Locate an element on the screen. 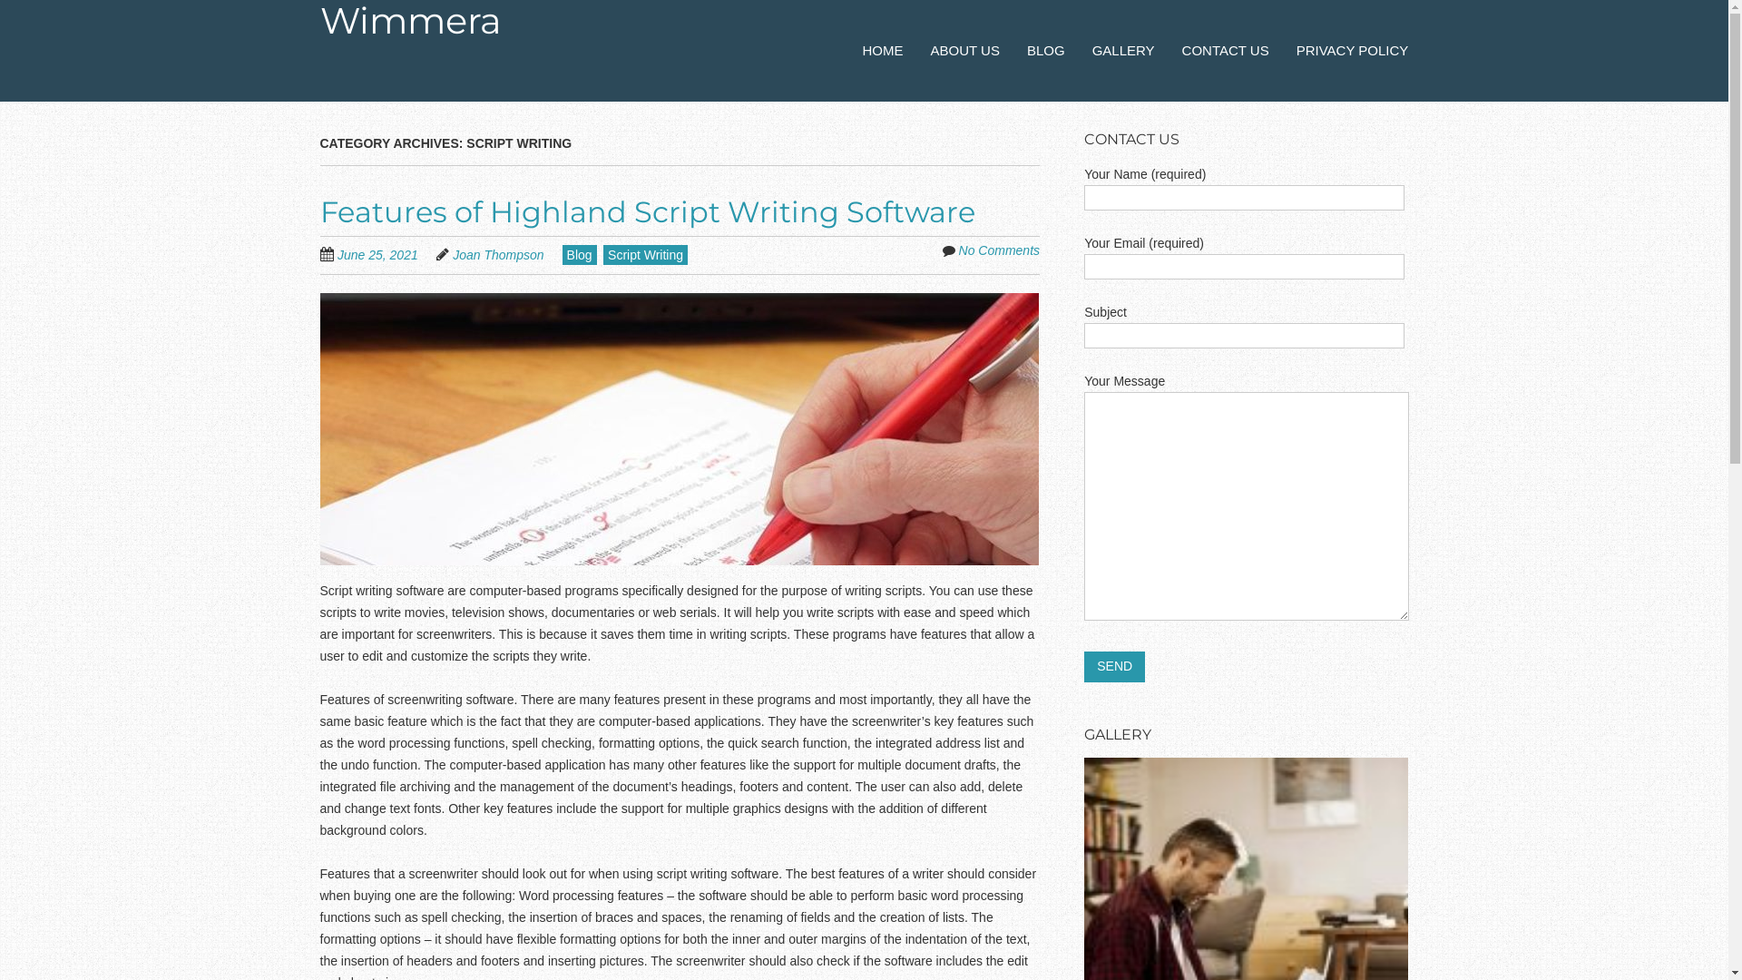 The height and width of the screenshot is (980, 1742). 'PRIVACY POLICY' is located at coordinates (1353, 50).